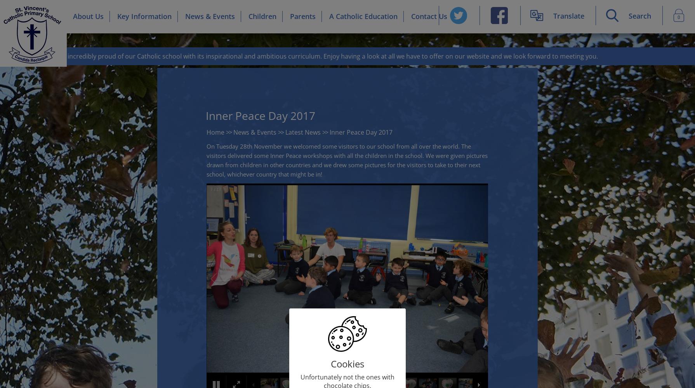 This screenshot has height=388, width=695. Describe the element at coordinates (330, 363) in the screenshot. I see `'Cookies'` at that location.